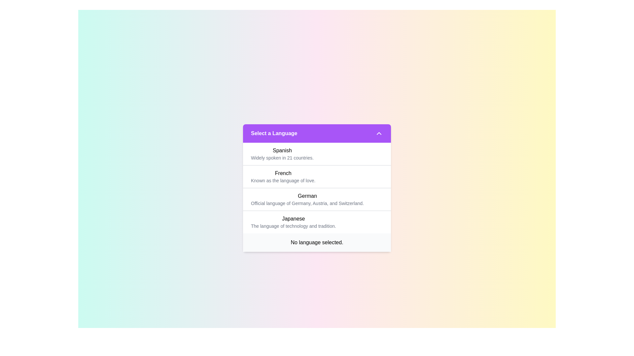 The image size is (634, 356). I want to click on the third entry in the language selection list to choose 'German' as the preferred language, so click(307, 199).